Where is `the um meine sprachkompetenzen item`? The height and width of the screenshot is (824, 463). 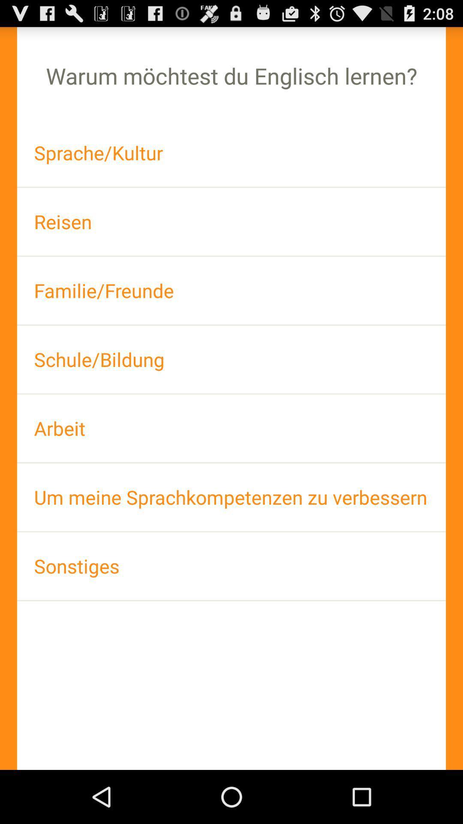
the um meine sprachkompetenzen item is located at coordinates (231, 497).